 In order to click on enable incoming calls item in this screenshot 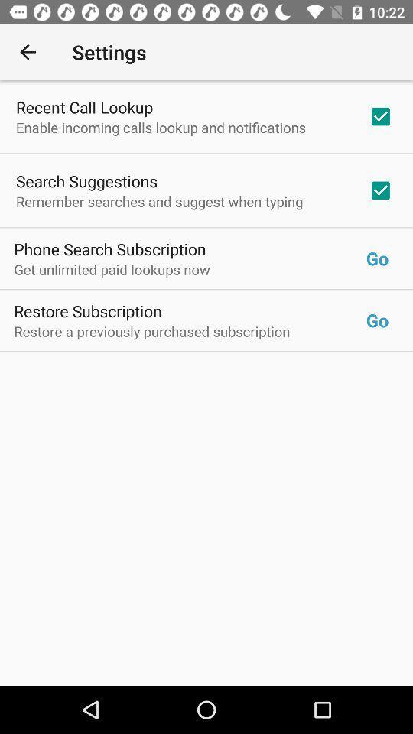, I will do `click(160, 126)`.